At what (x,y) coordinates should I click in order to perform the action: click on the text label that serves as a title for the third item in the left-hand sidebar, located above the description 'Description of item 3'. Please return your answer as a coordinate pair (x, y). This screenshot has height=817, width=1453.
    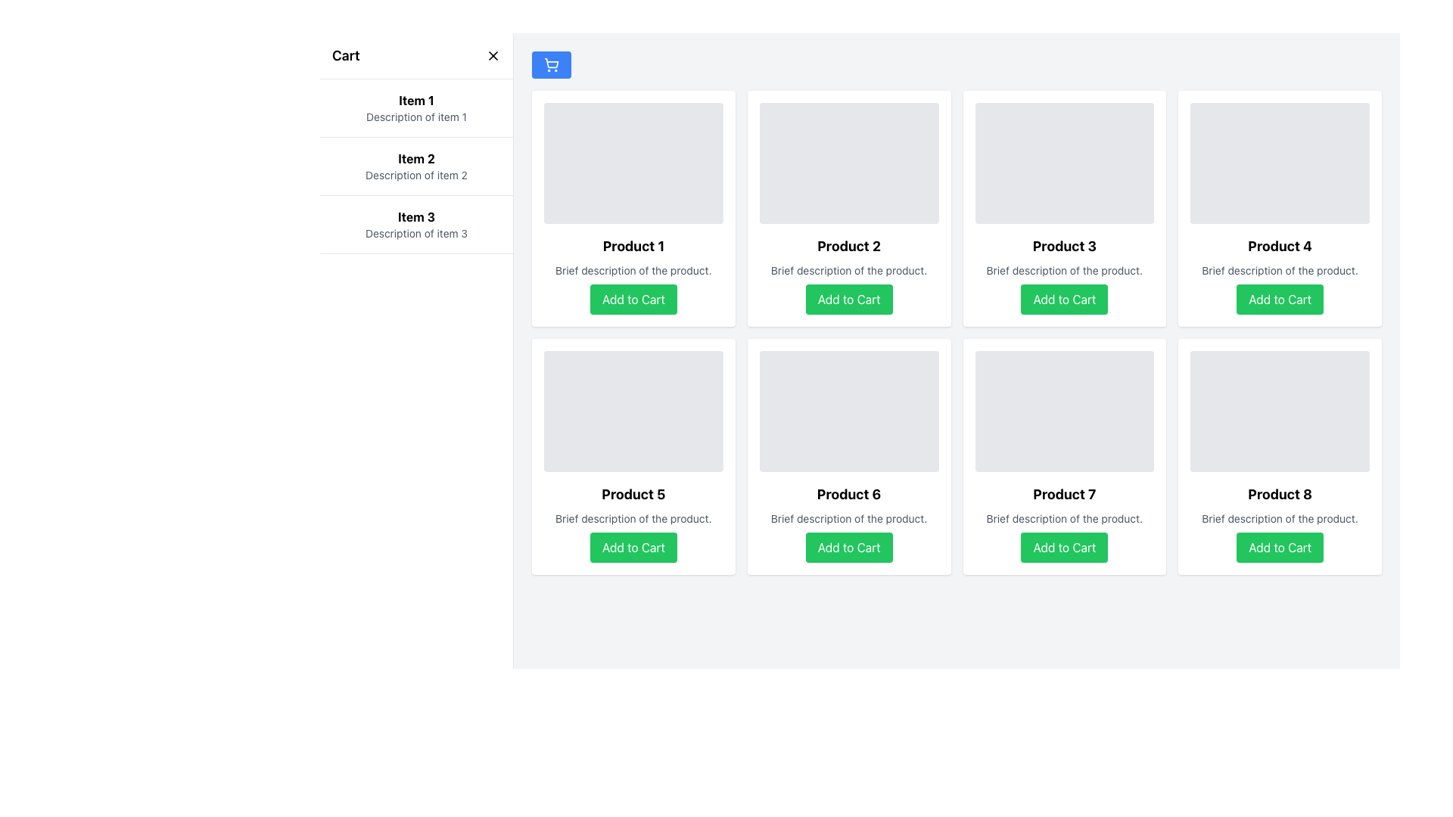
    Looking at the image, I should click on (416, 216).